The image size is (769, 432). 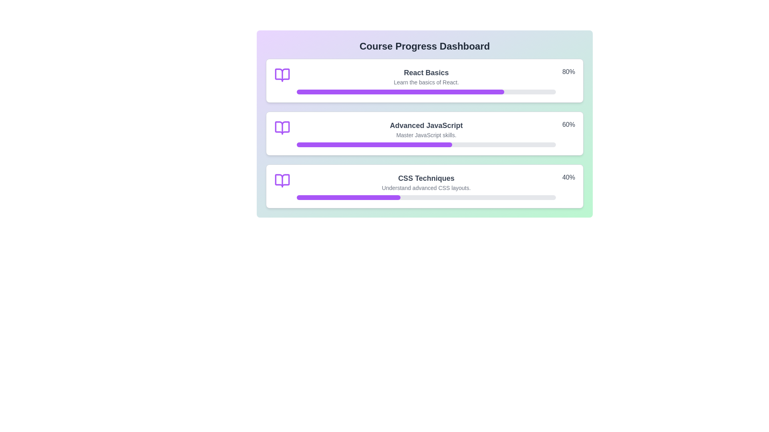 What do you see at coordinates (568, 125) in the screenshot?
I see `the text label displaying the numeric progress percentage for the 'Advanced JavaScript' course, located at the top-right corner of the course progress card` at bounding box center [568, 125].